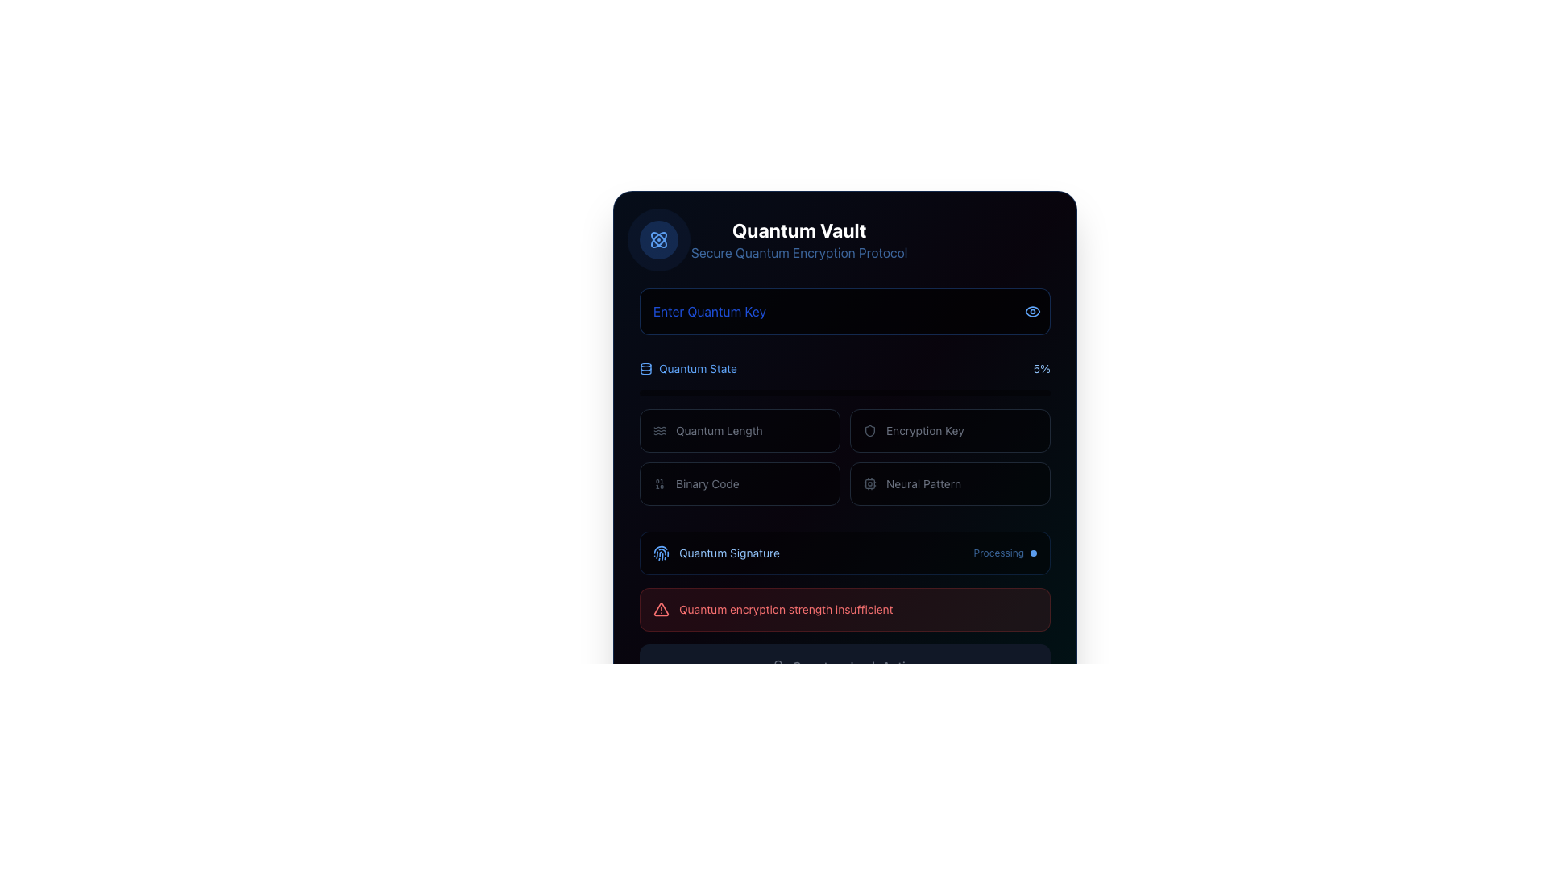 This screenshot has width=1547, height=870. I want to click on the database icon, which is styled in blue and located to the left of the text 'Quantum State.', so click(645, 369).